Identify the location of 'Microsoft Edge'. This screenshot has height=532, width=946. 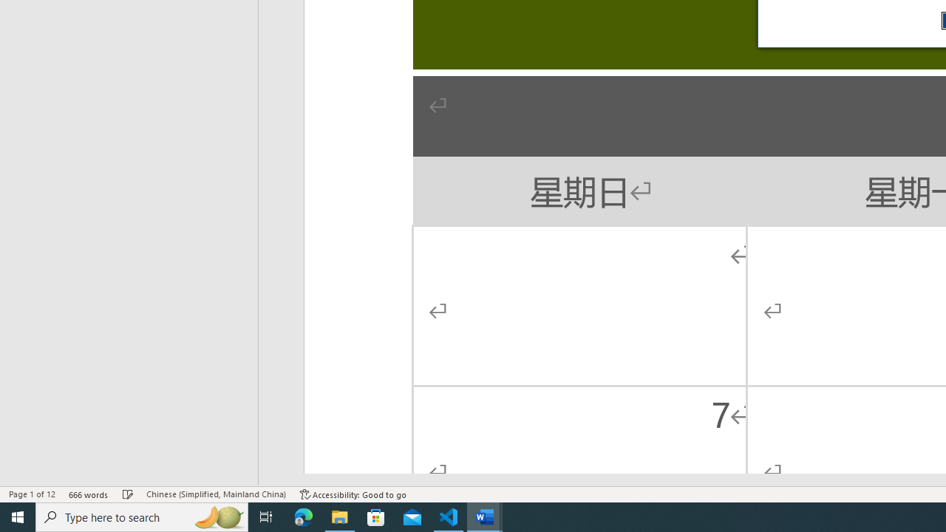
(303, 516).